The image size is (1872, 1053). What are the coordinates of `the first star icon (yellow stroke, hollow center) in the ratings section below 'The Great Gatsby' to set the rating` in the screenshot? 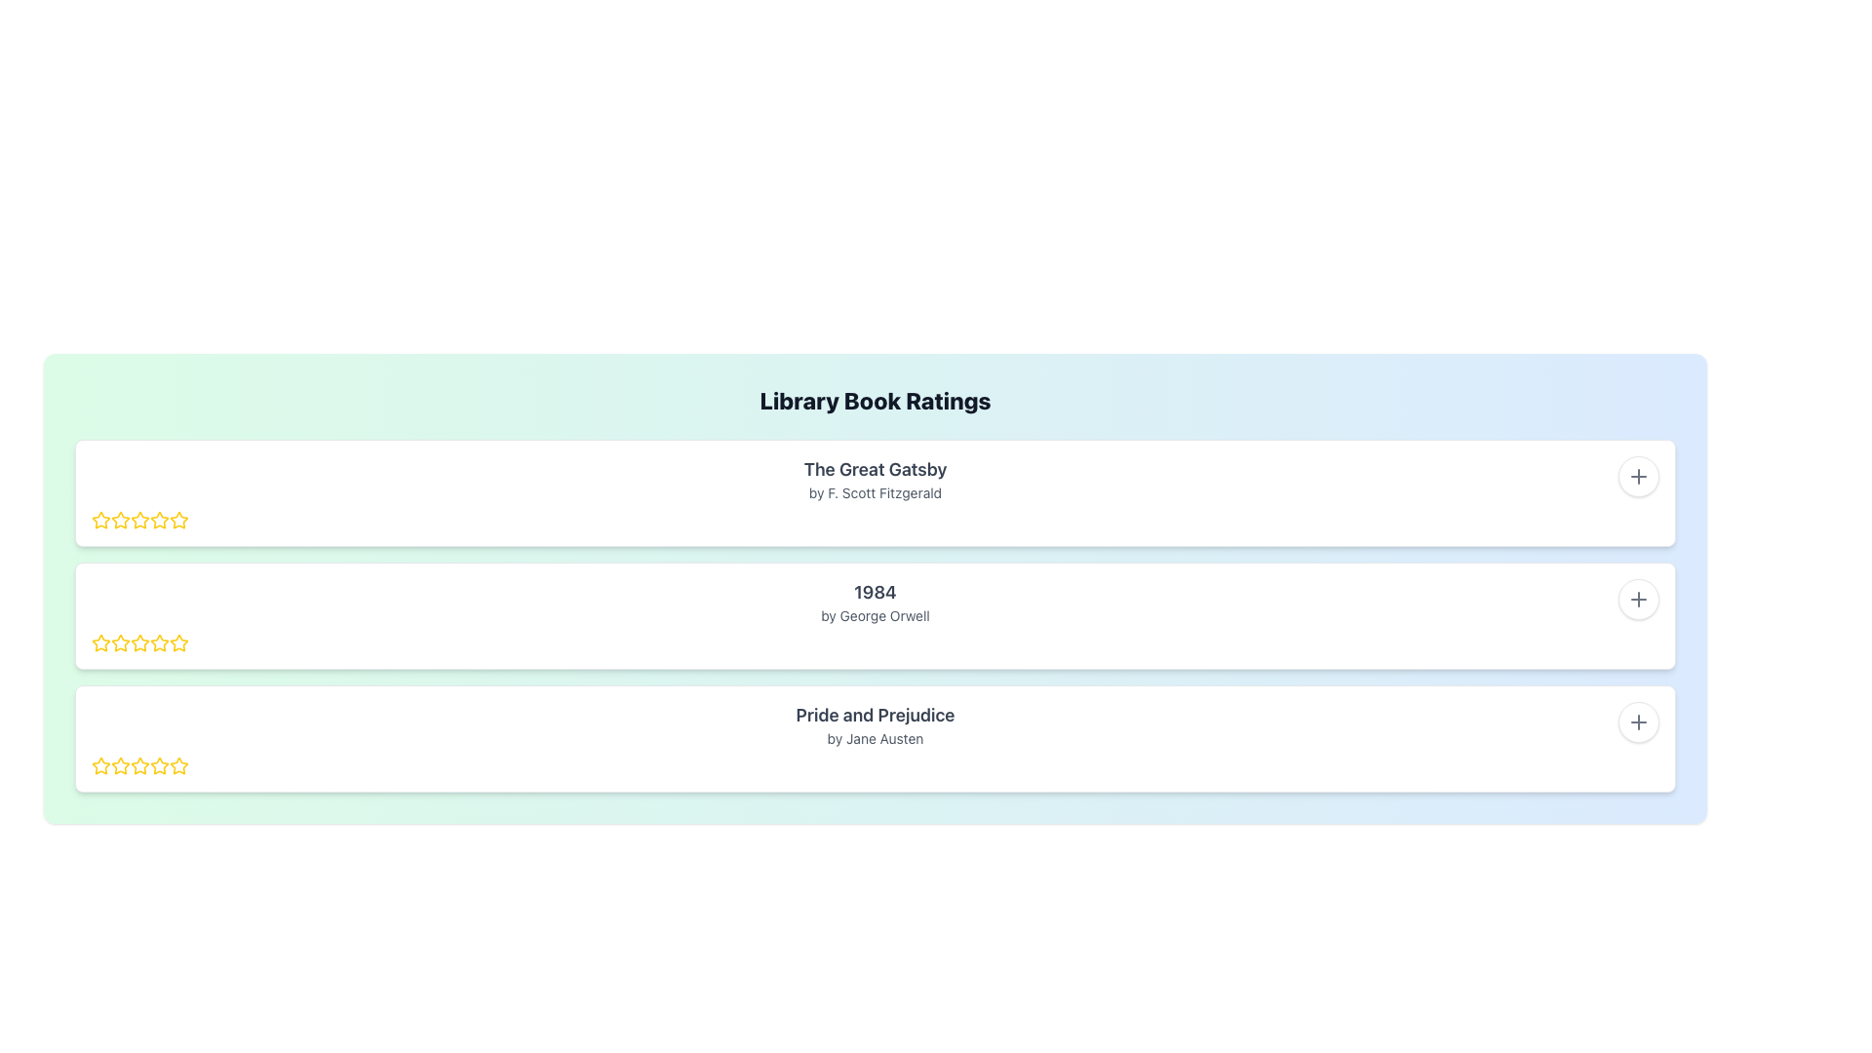 It's located at (100, 519).